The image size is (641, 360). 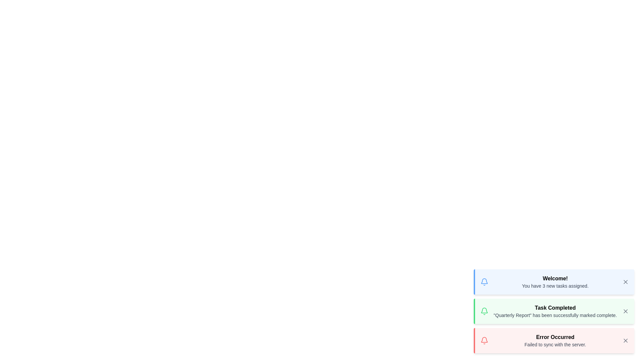 What do you see at coordinates (555, 344) in the screenshot?
I see `the detailed error message text that provides information about a failure to synchronize with a server, located directly below the text 'Error Occurred'` at bounding box center [555, 344].